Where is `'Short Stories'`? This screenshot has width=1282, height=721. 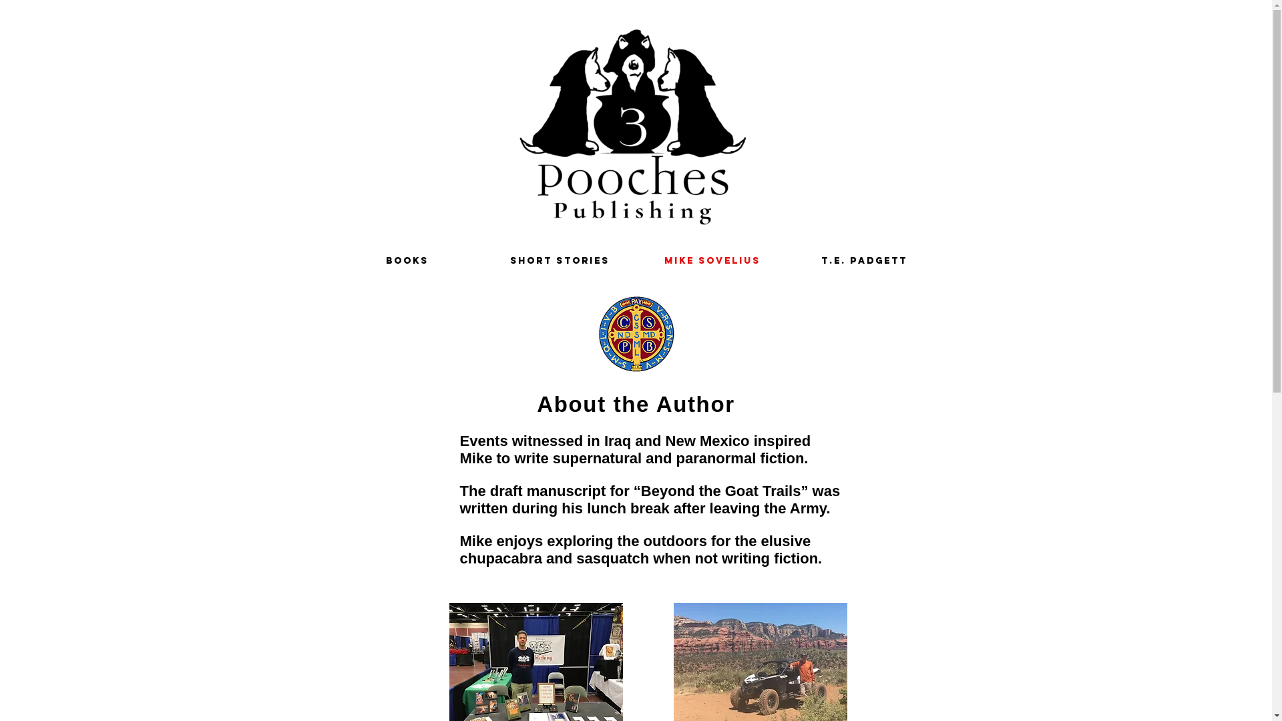
'Short Stories' is located at coordinates (483, 260).